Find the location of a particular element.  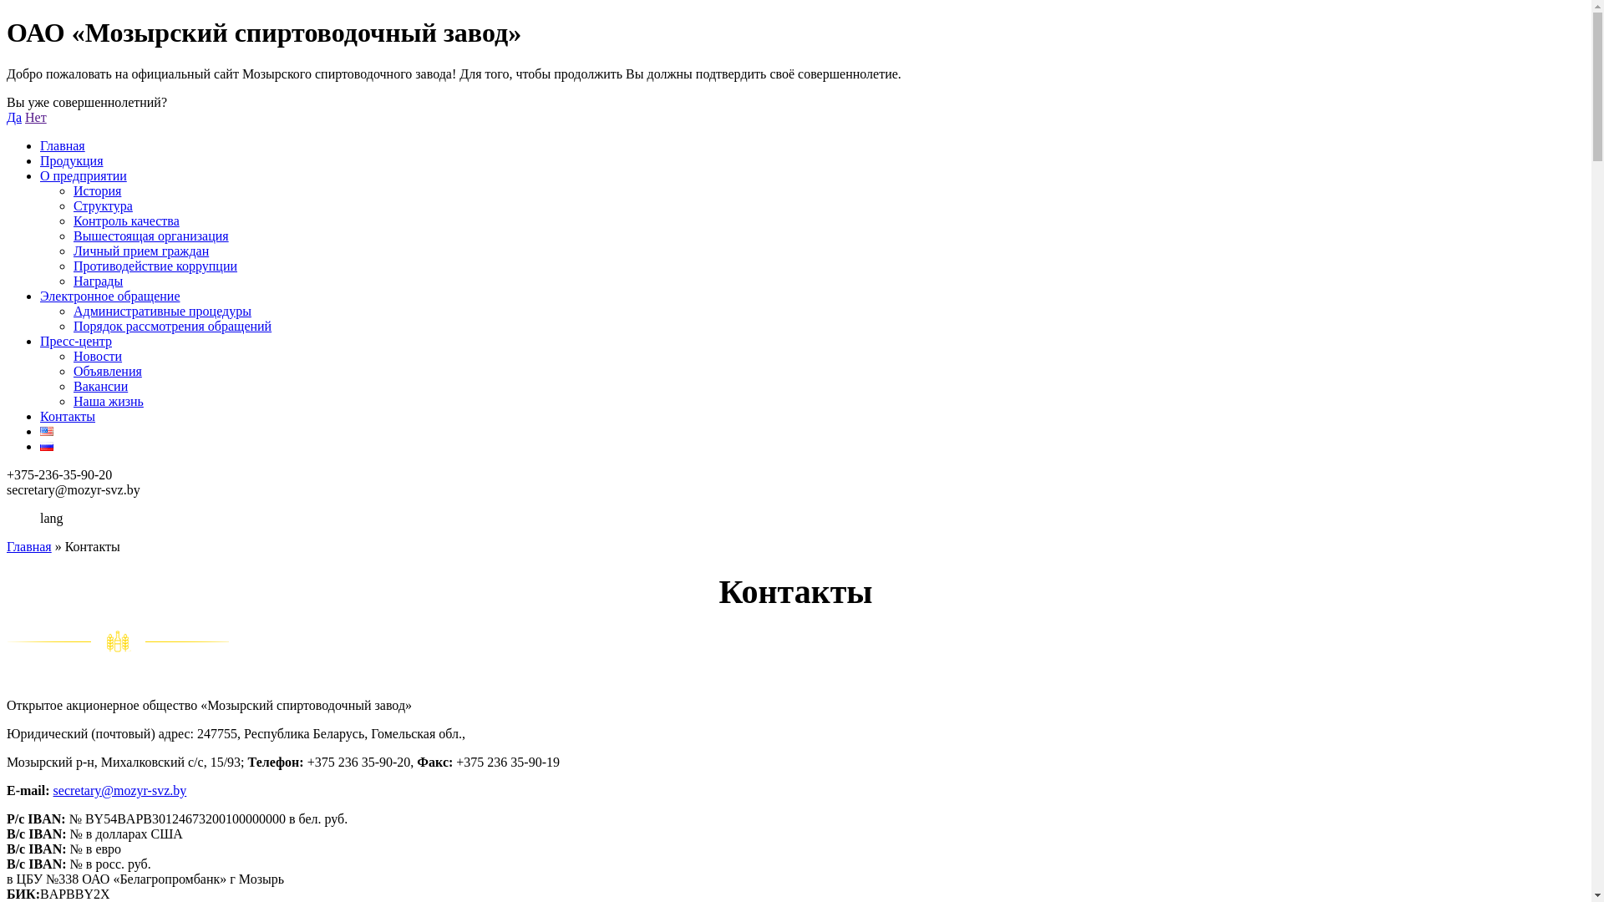

'secretary@mozyr-svz.by' is located at coordinates (119, 789).